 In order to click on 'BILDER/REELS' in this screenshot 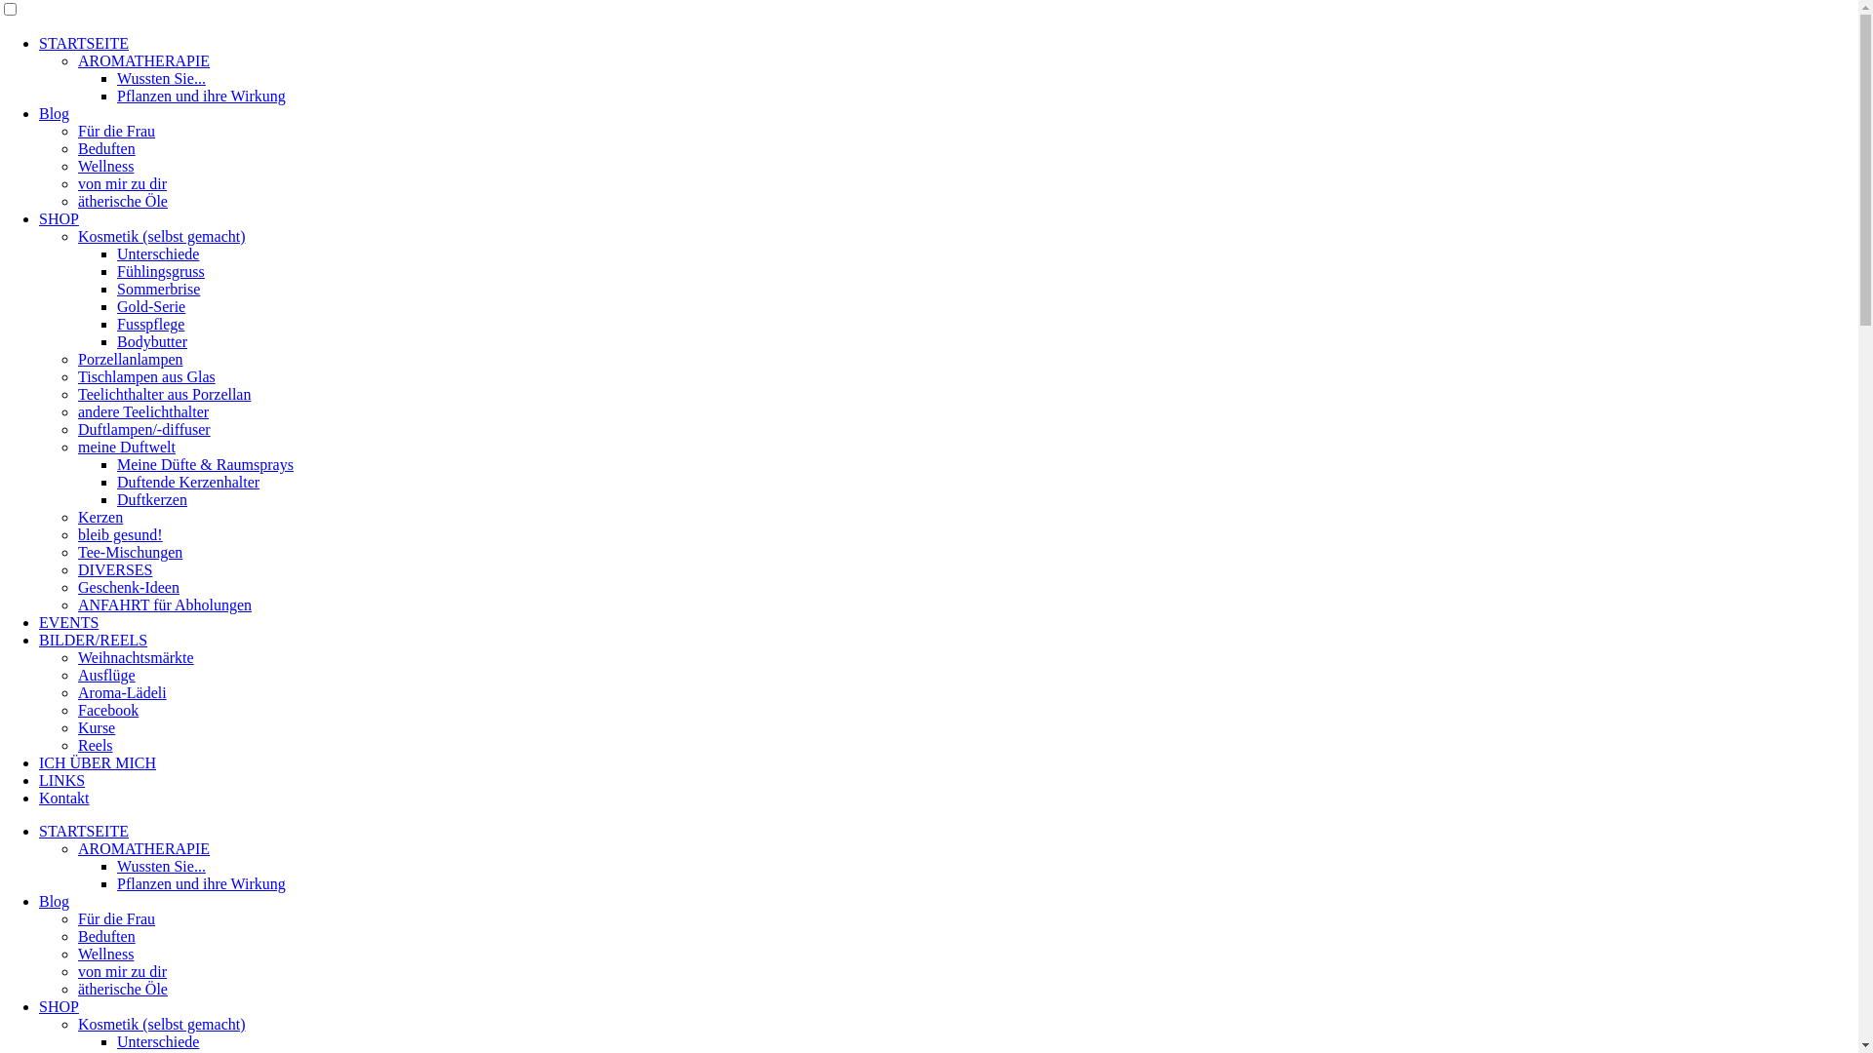, I will do `click(92, 640)`.